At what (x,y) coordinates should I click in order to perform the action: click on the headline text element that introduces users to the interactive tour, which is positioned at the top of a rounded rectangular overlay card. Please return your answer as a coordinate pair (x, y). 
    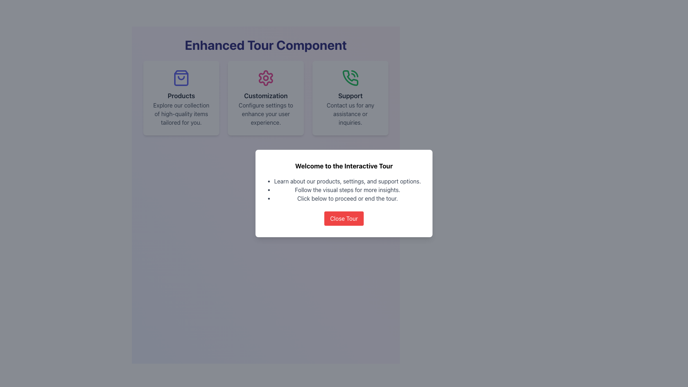
    Looking at the image, I should click on (344, 166).